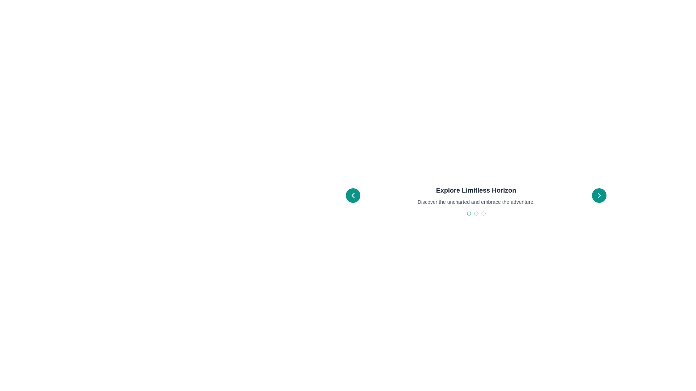  Describe the element at coordinates (483, 213) in the screenshot. I see `the circular outline button located beneath the text 'Explore Limitless Horizon', which is the last circular element from the left in the navigation component` at that location.